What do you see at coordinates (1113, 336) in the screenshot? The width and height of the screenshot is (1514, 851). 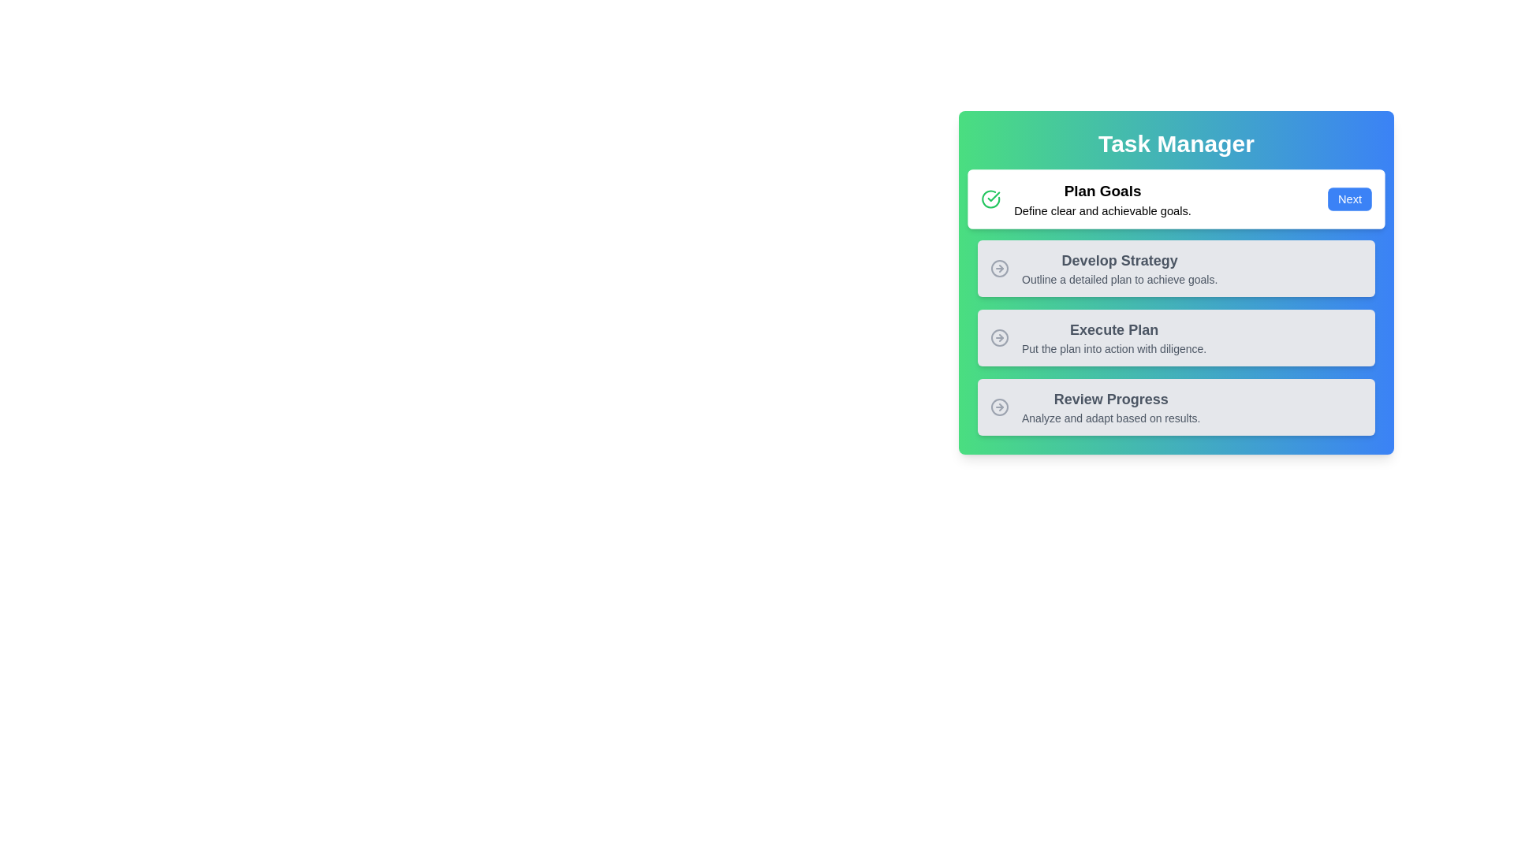 I see `text content of the label indicating the task stage for executing a plan with diligence in the Task Manager interface, positioned between 'Develop Strategy' and 'Review Progress'` at bounding box center [1113, 336].